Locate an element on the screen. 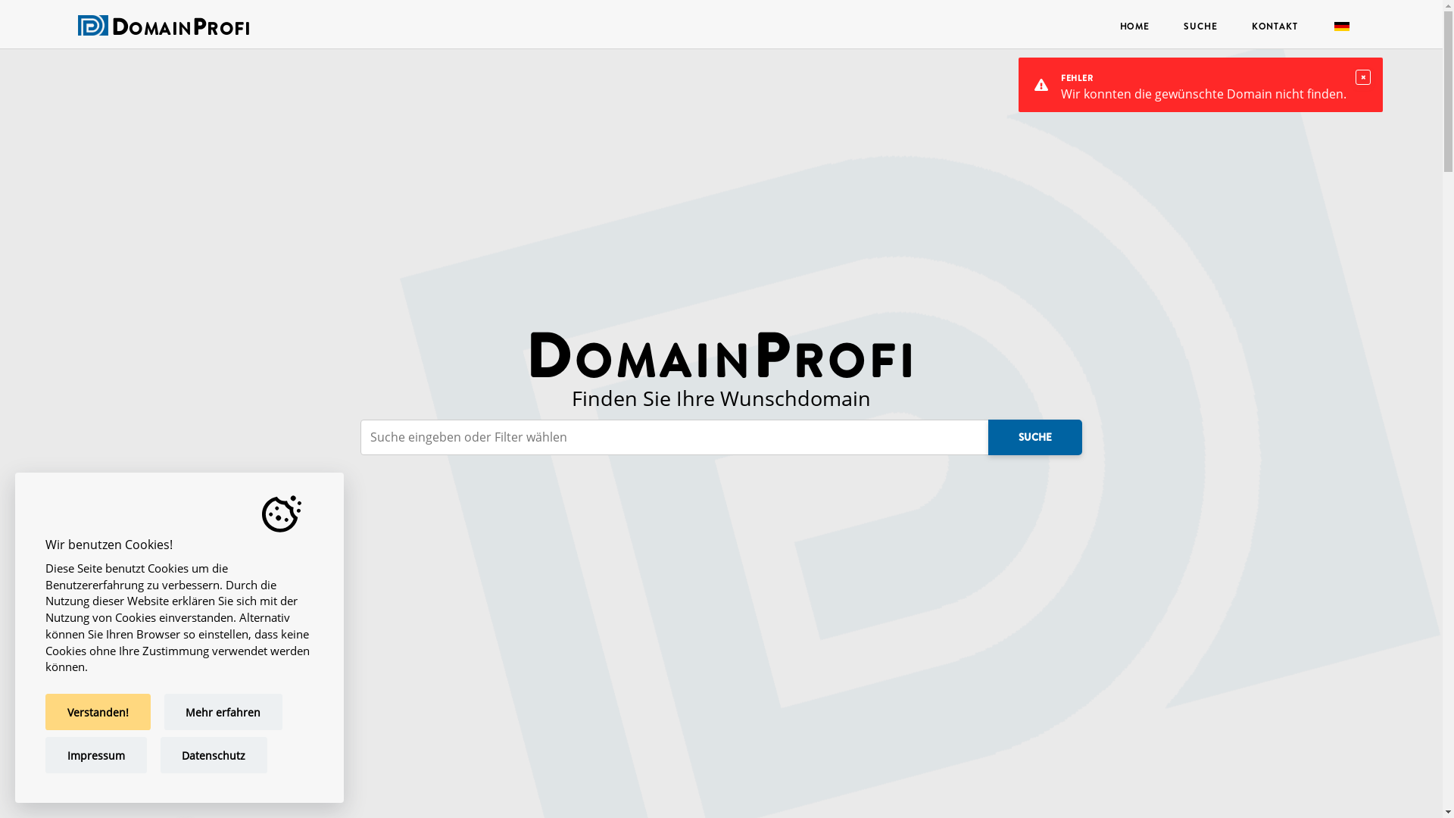 The width and height of the screenshot is (1454, 818). 'Verstanden!' is located at coordinates (45, 712).